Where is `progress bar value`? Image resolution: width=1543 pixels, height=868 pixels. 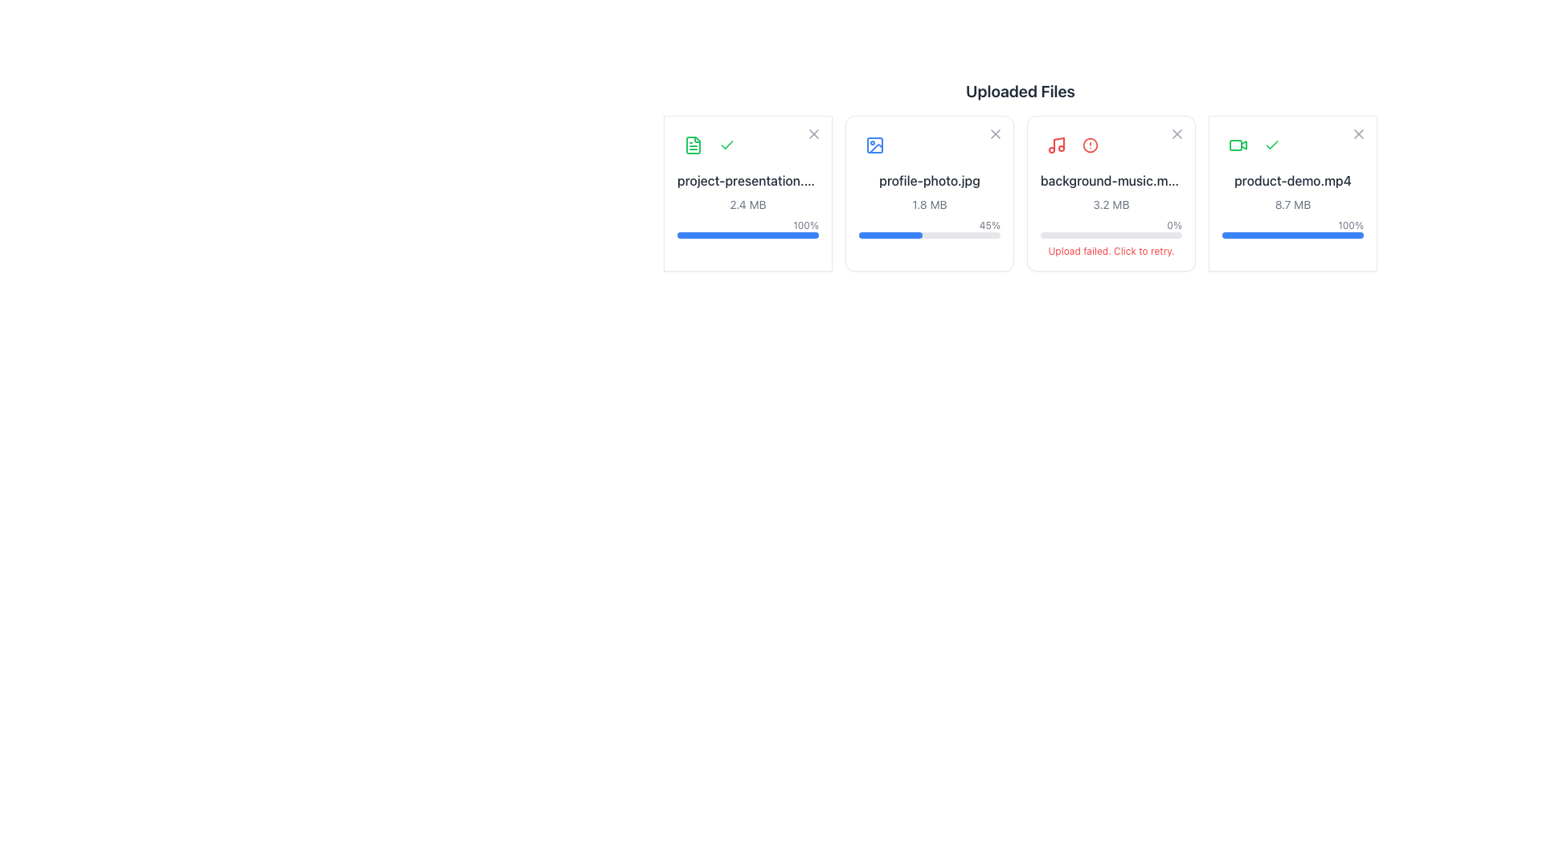 progress bar value is located at coordinates (976, 235).